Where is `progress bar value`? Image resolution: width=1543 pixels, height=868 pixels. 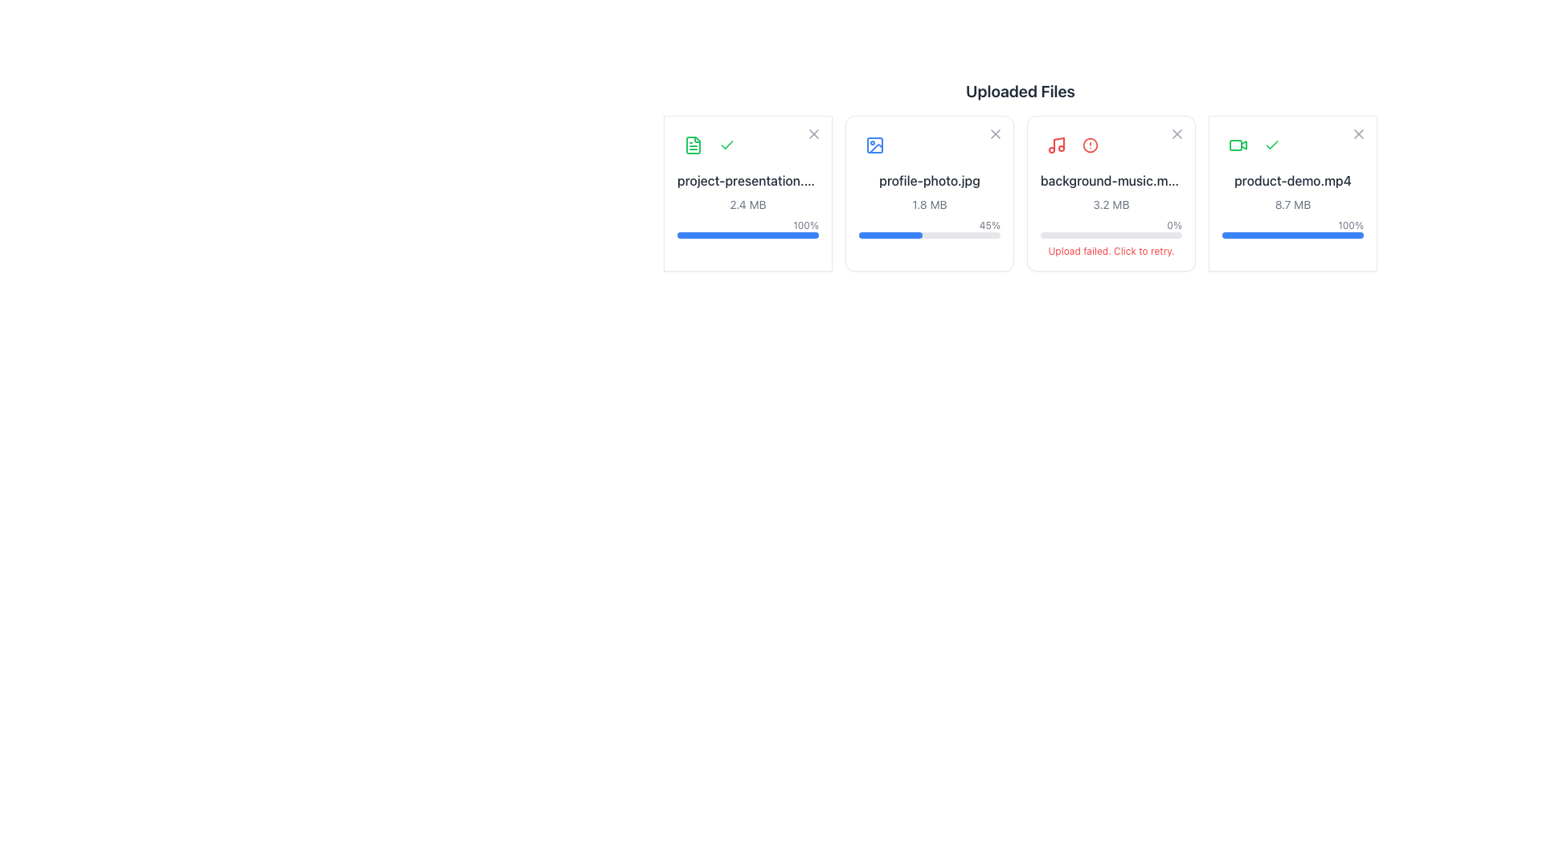 progress bar value is located at coordinates (976, 235).